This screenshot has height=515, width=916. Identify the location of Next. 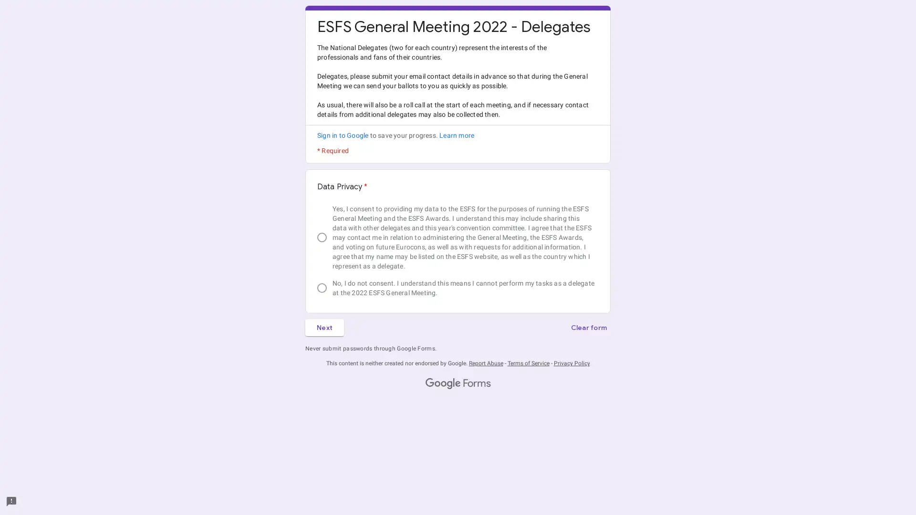
(324, 327).